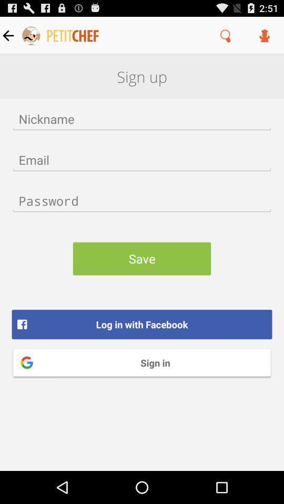 The width and height of the screenshot is (284, 504). What do you see at coordinates (142, 362) in the screenshot?
I see `the item below the log in with item` at bounding box center [142, 362].